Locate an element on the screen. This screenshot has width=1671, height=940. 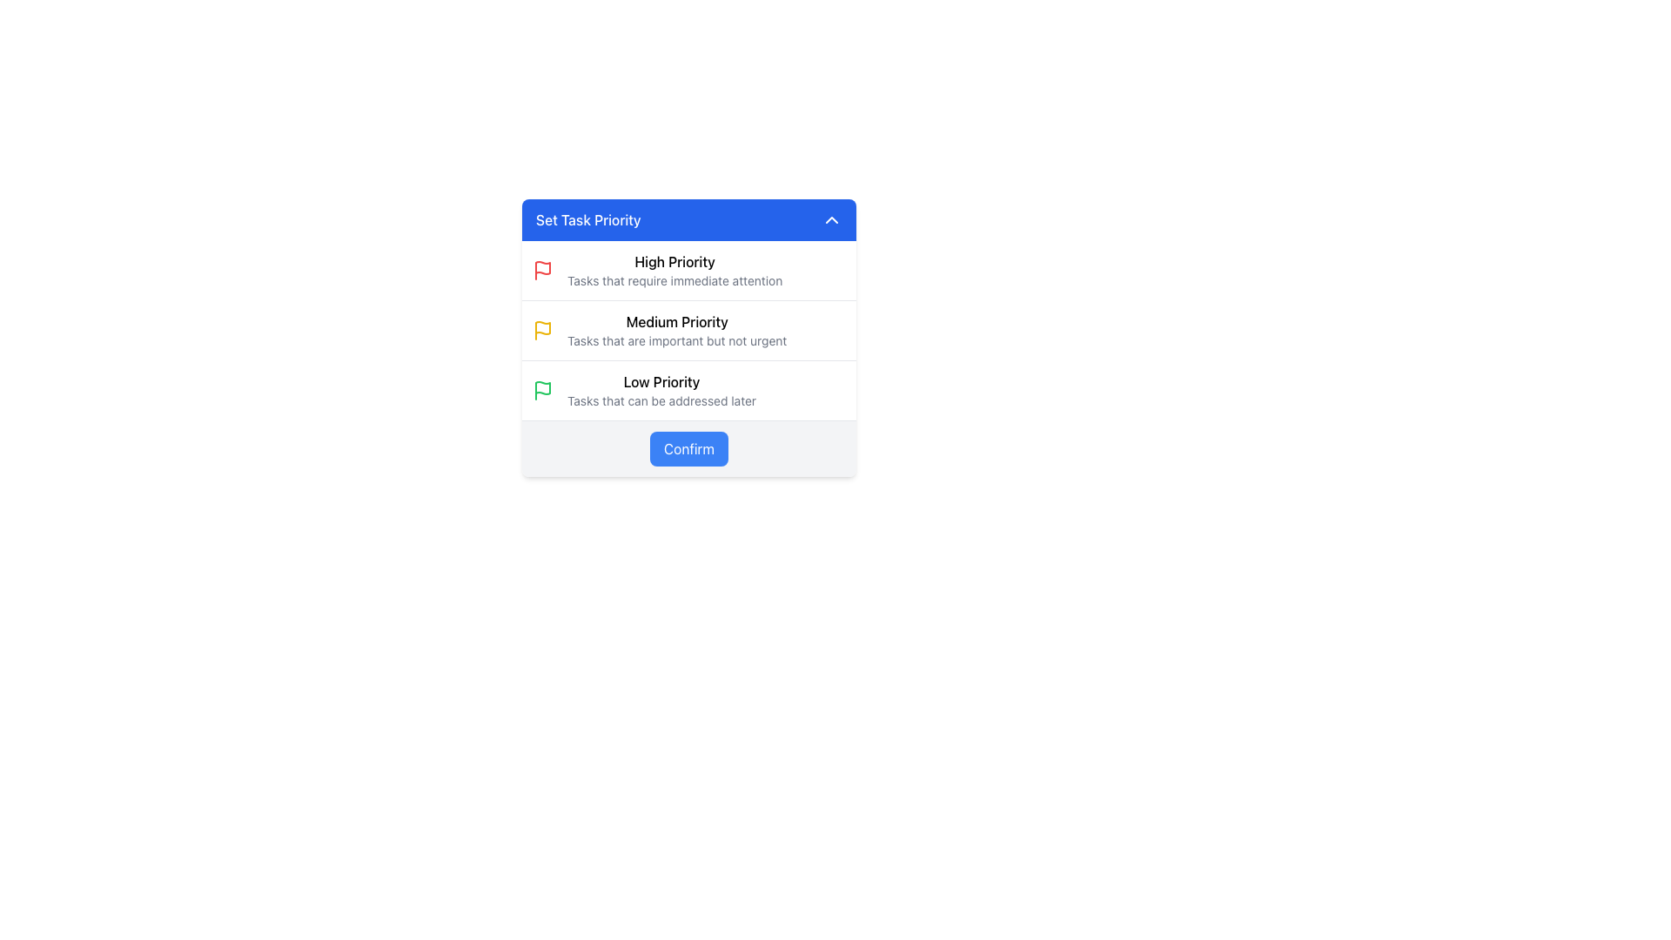
the third item in the 'Set Task Priority' menu, which designates the task as low priority, represented by a text label with a green flag icon preceding it is located at coordinates (661, 389).